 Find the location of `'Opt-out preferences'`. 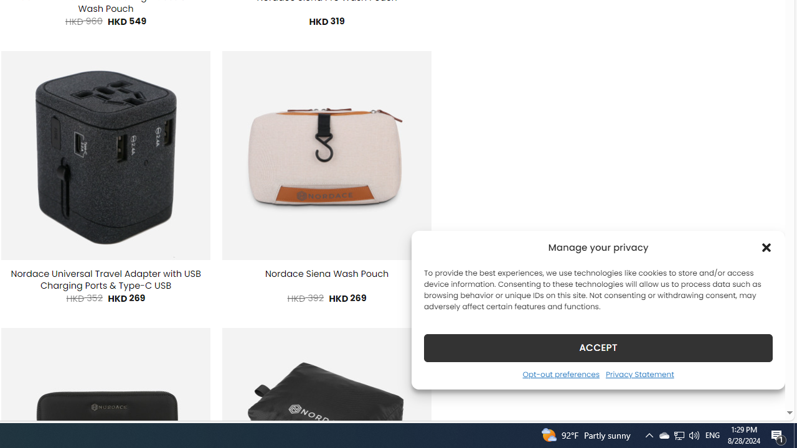

'Opt-out preferences' is located at coordinates (560, 373).